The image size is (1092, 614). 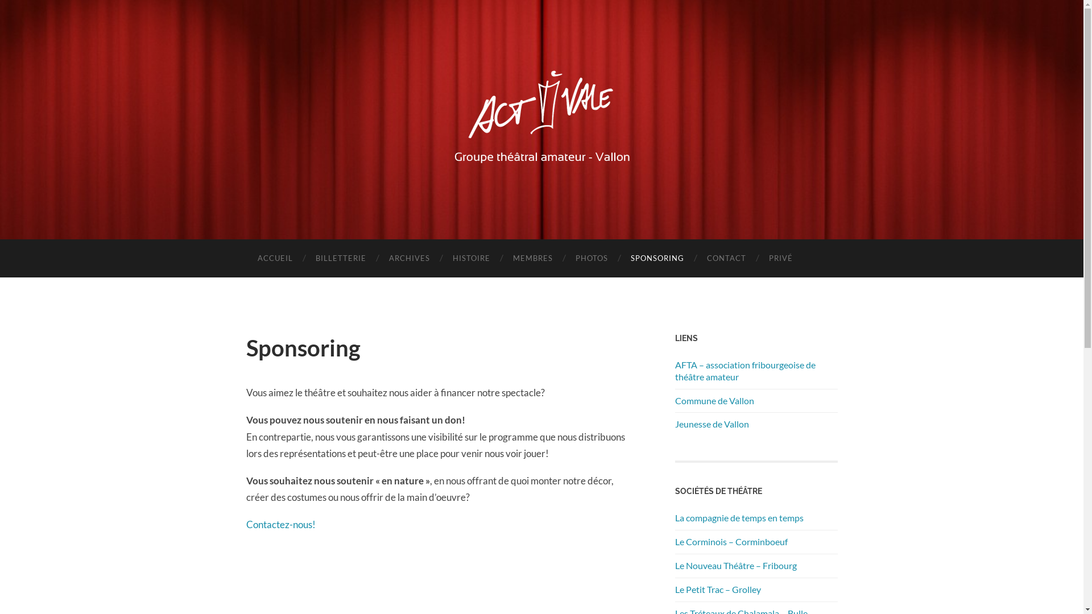 What do you see at coordinates (275, 258) in the screenshot?
I see `'ACCUEIL'` at bounding box center [275, 258].